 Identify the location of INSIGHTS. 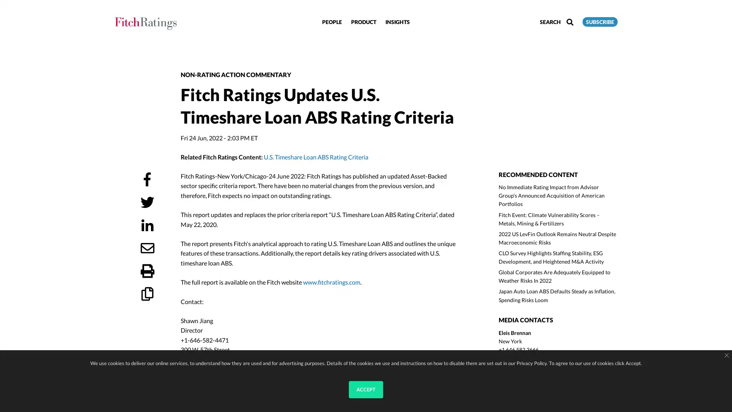
(397, 21).